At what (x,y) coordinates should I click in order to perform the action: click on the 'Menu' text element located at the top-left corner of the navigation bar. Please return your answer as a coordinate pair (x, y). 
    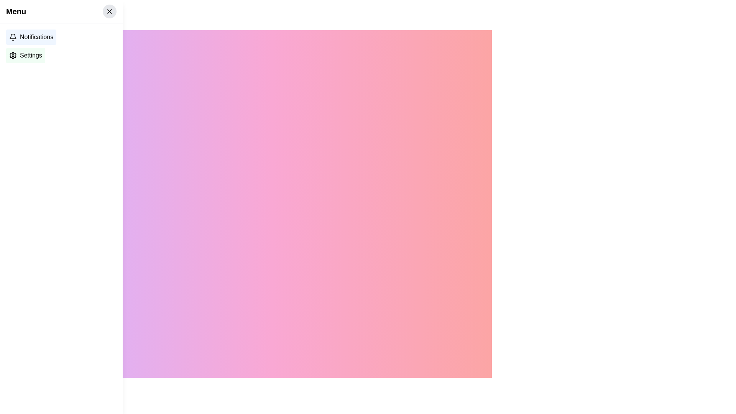
    Looking at the image, I should click on (16, 11).